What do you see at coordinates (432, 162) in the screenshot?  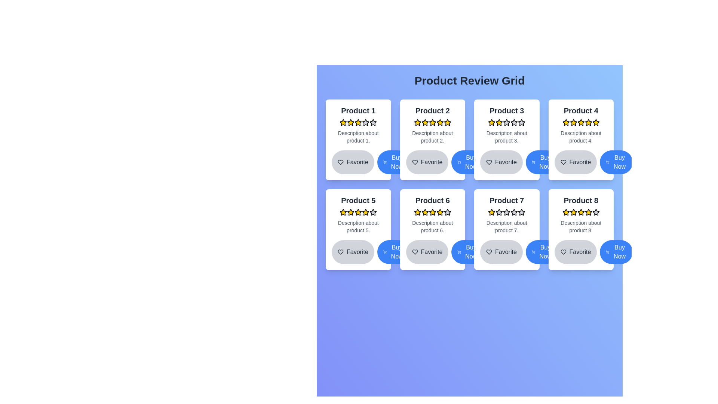 I see `the 'Favorite' button, which is a rounded rectangle with a grey background and a heart icon, positioned below 'Product 2' and to the left of the 'Buy Now' button` at bounding box center [432, 162].